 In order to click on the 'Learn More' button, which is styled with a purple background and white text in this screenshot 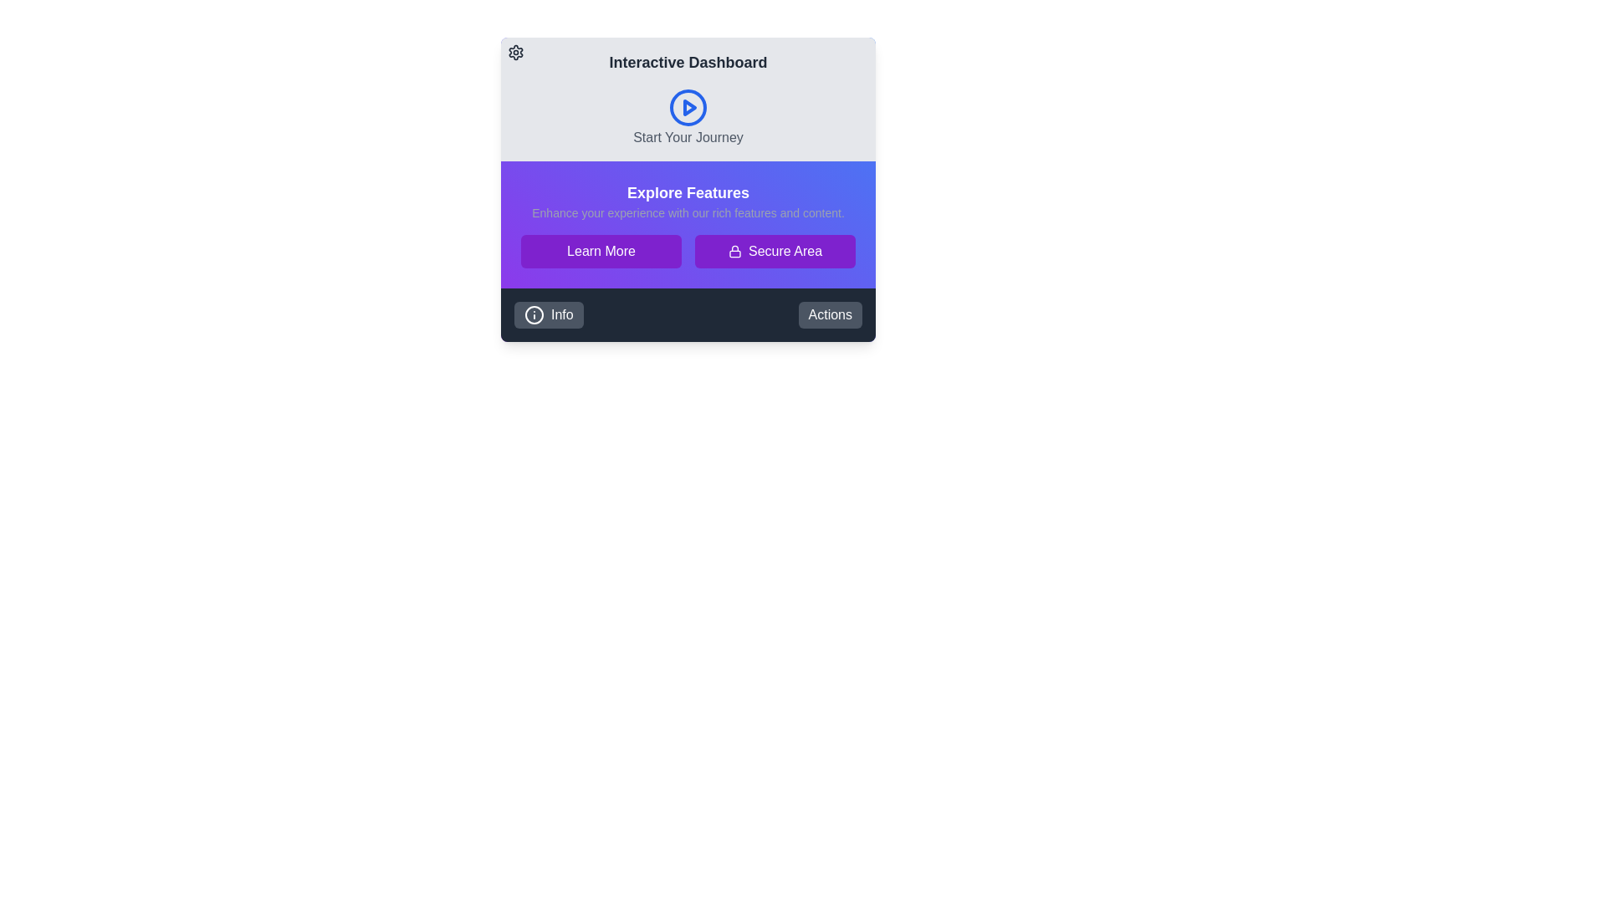, I will do `click(601, 251)`.